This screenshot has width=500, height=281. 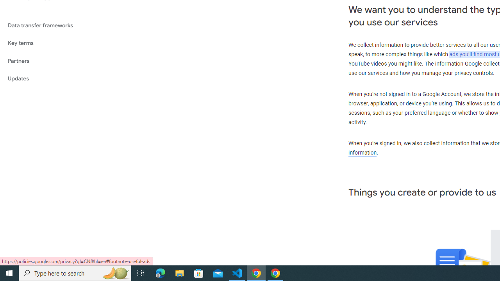 I want to click on 'device', so click(x=413, y=103).